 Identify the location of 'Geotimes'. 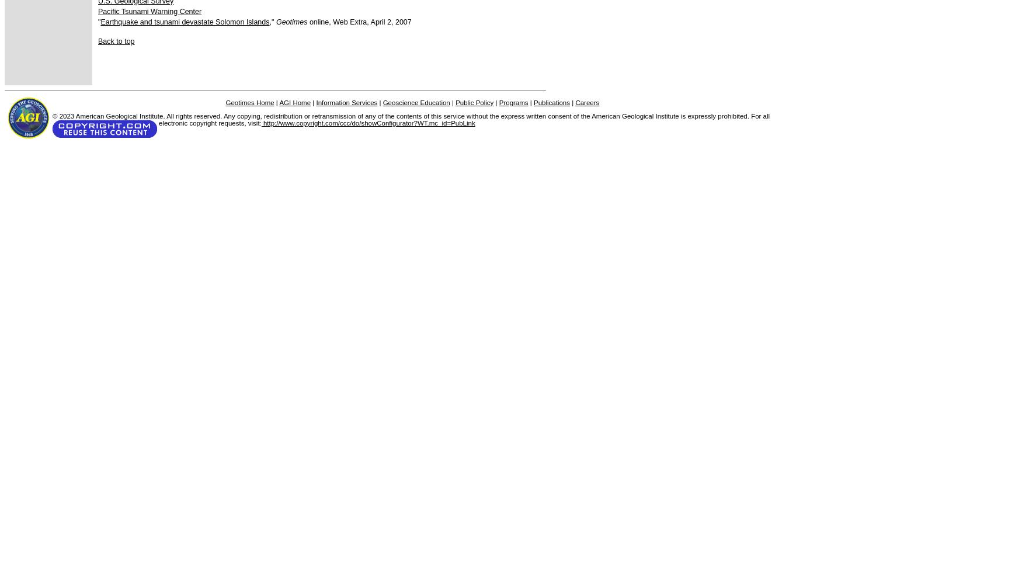
(291, 22).